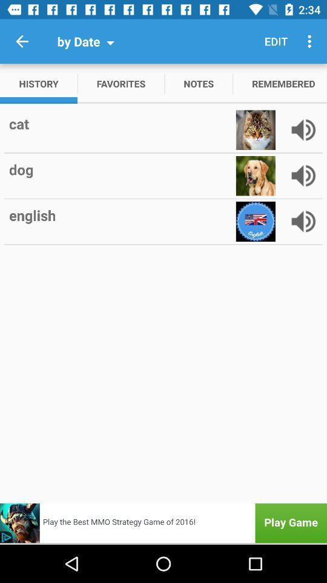  I want to click on the dog icon, so click(121, 169).